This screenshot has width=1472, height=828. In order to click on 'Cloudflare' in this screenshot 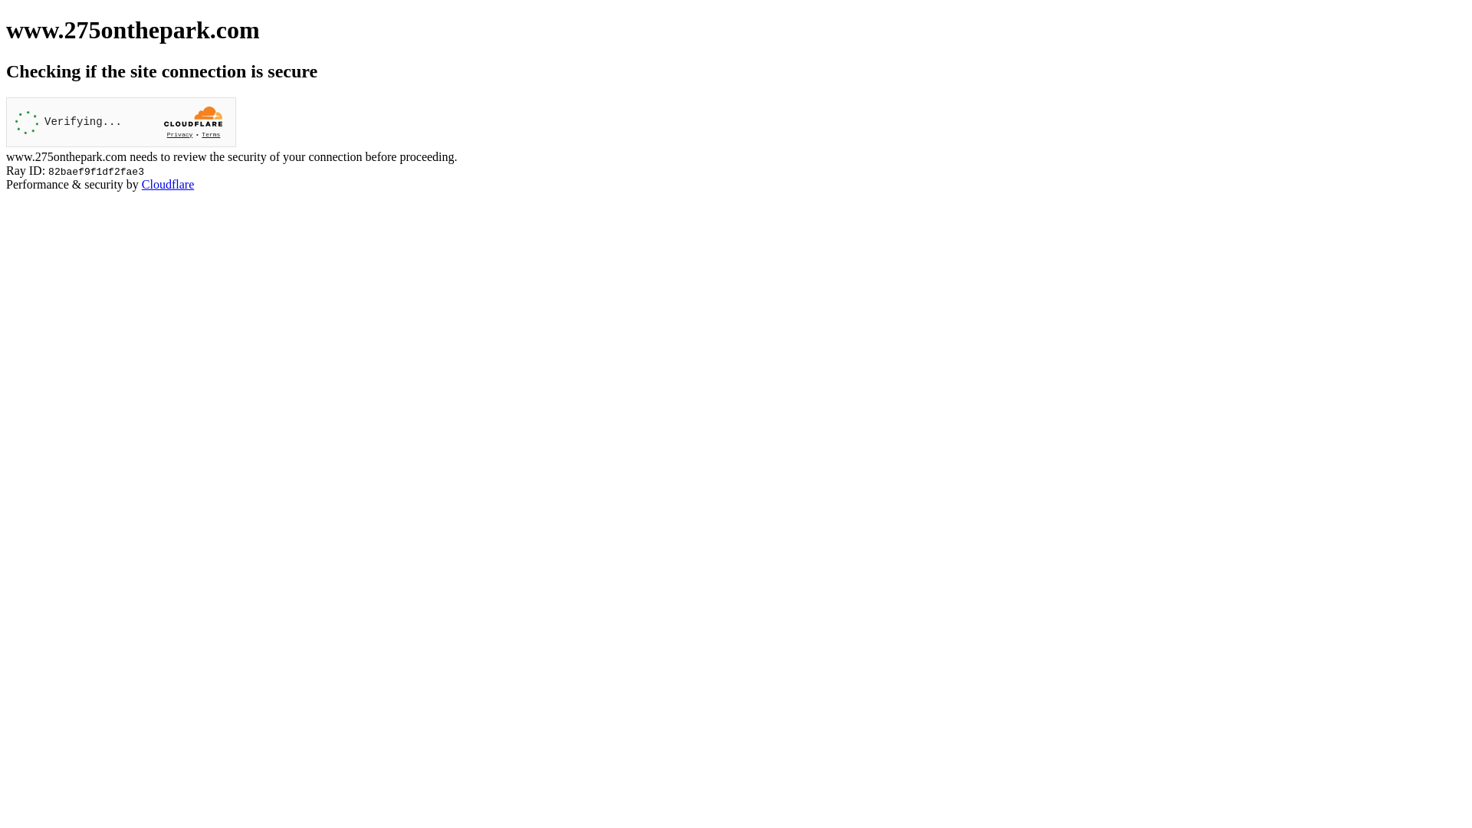, I will do `click(168, 183)`.